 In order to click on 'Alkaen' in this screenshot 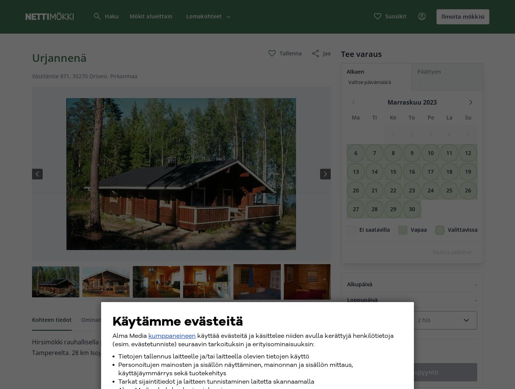, I will do `click(346, 71)`.